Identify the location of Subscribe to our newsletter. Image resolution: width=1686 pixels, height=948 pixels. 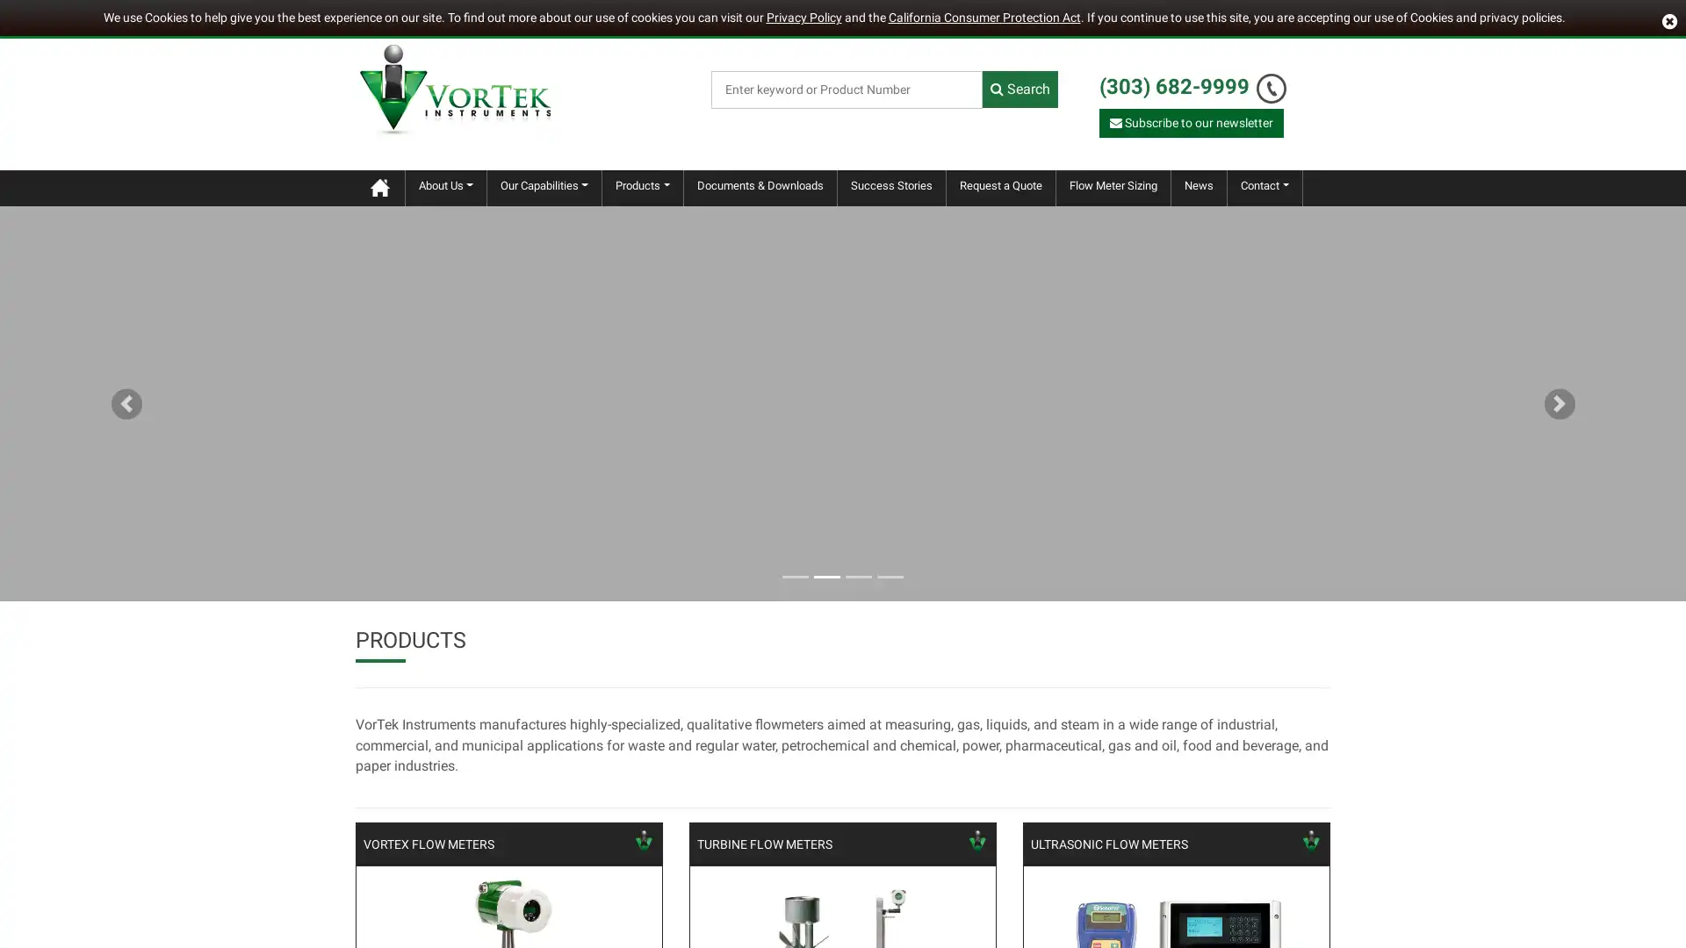
(1192, 87).